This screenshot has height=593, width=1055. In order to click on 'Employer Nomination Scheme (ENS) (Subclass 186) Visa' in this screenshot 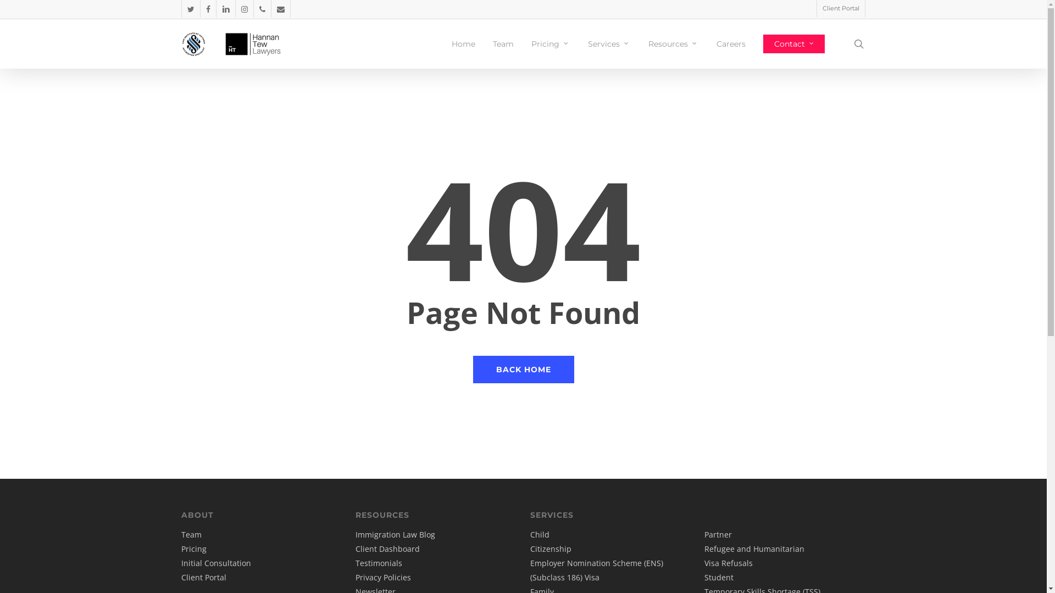, I will do `click(596, 569)`.